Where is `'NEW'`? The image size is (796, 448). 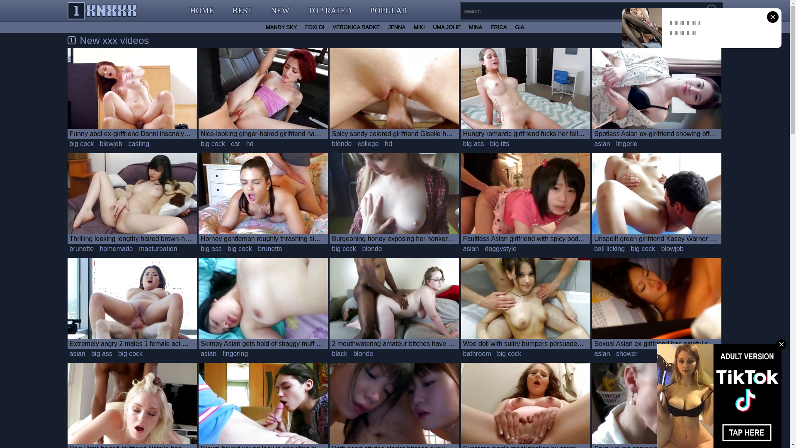
'NEW' is located at coordinates (280, 11).